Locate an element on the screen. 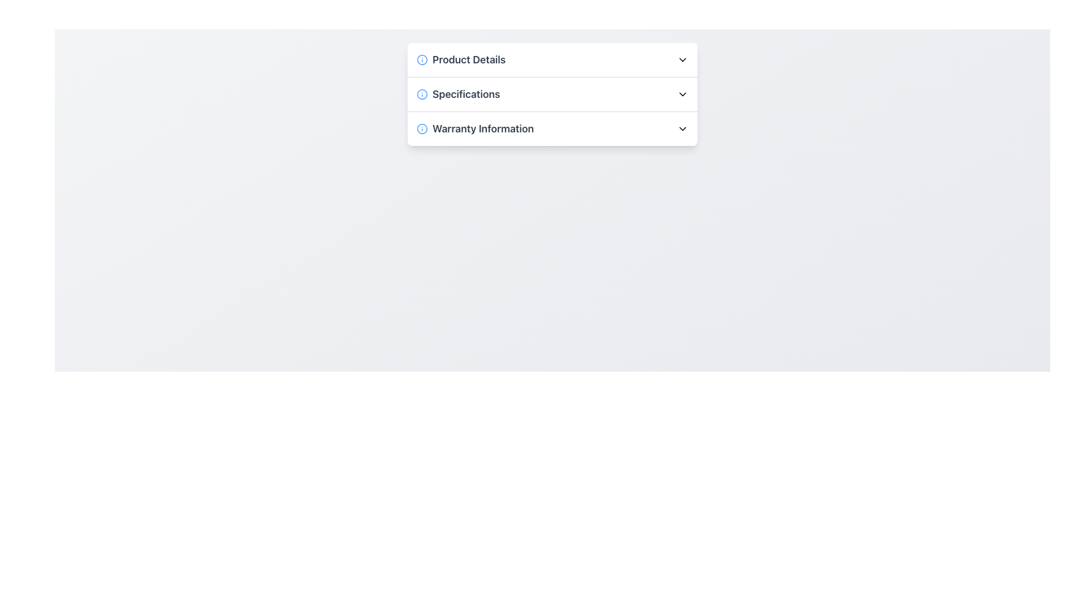 This screenshot has height=611, width=1087. the title element of the collapsible section that reveals additional product information, located at the top of the panel with 'Specifications' and 'Warranty Information' is located at coordinates (461, 59).